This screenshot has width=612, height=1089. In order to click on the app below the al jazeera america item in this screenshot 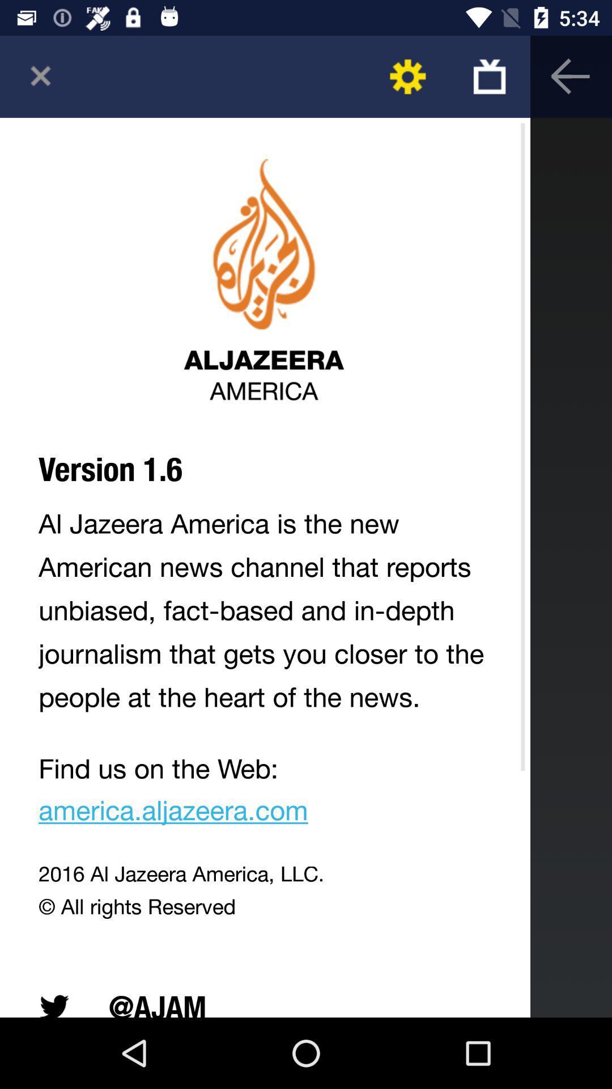, I will do `click(265, 793)`.